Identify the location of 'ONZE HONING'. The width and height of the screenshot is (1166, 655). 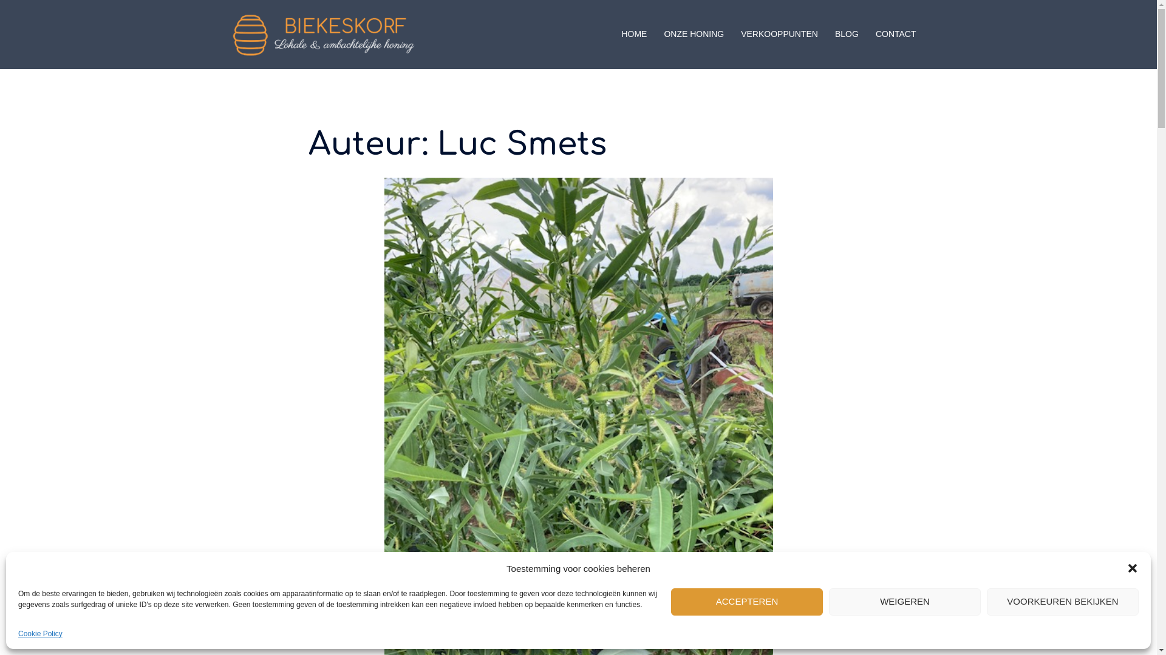
(694, 34).